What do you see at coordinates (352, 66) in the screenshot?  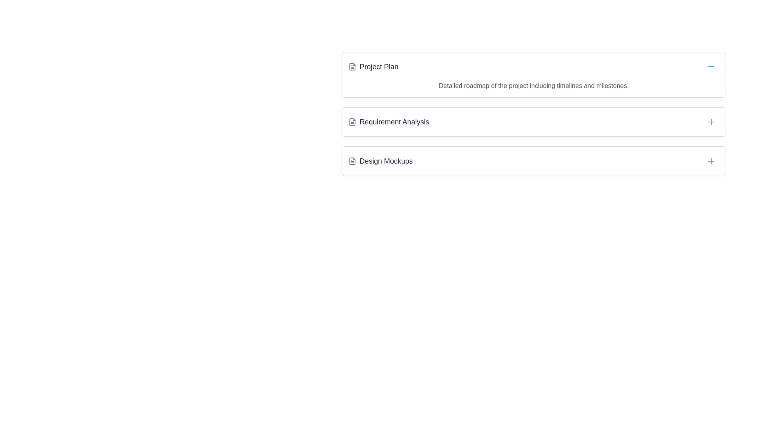 I see `the icon representing the 'Project Plan' section, which is located at the leftmost side of the 'Project Plan' section in the interface` at bounding box center [352, 66].